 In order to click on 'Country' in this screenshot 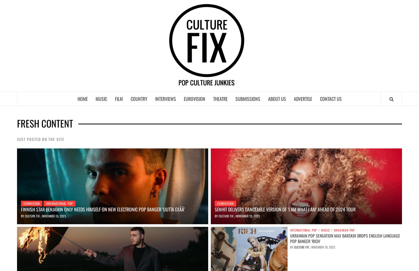, I will do `click(139, 98)`.